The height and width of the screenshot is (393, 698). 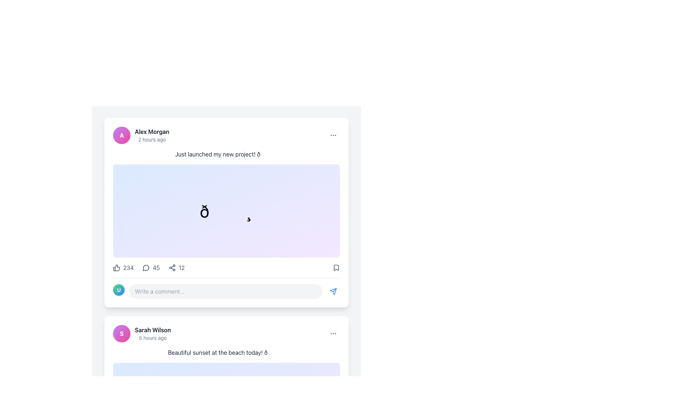 I want to click on text content which serves as the main body of a post or status update, located beneath the header showing Alex Morgan's profile picture and above a gradient background section, so click(x=226, y=154).